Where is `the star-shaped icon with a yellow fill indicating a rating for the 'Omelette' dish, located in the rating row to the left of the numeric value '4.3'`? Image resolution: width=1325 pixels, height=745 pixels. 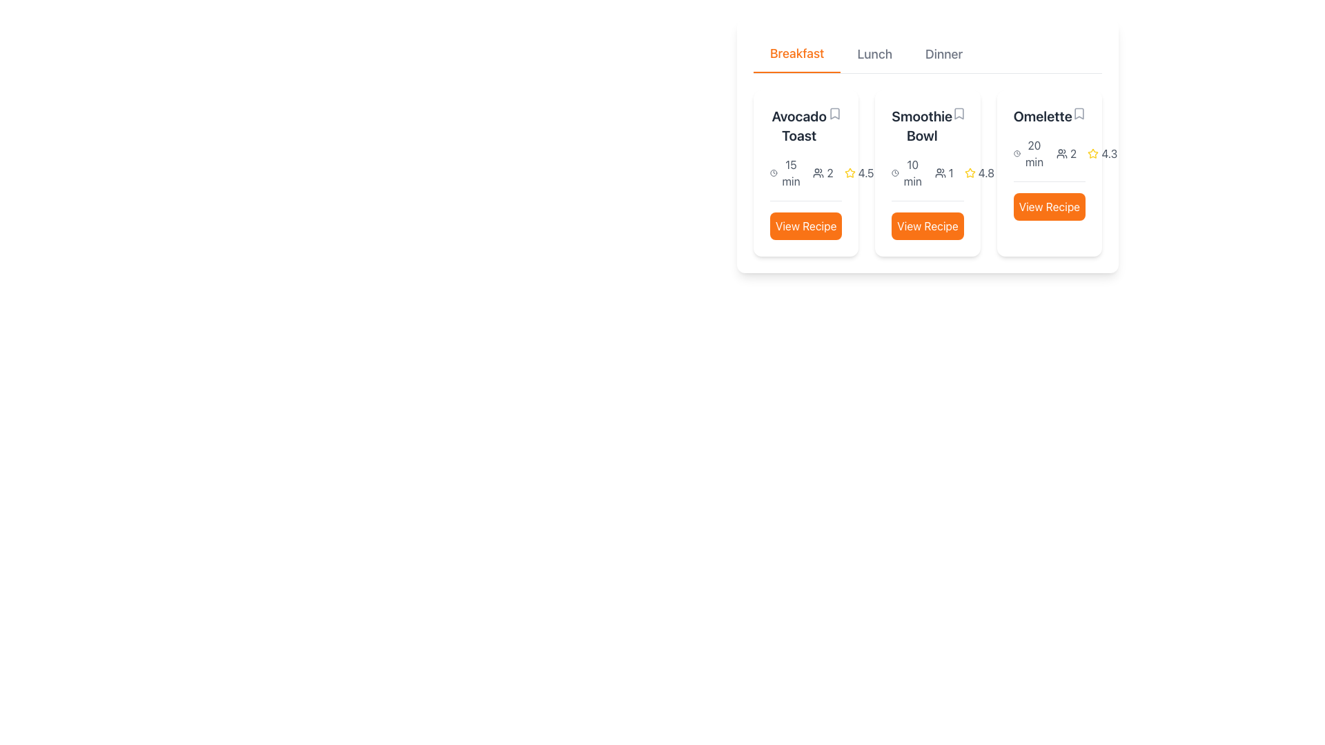 the star-shaped icon with a yellow fill indicating a rating for the 'Omelette' dish, located in the rating row to the left of the numeric value '4.3' is located at coordinates (1092, 153).